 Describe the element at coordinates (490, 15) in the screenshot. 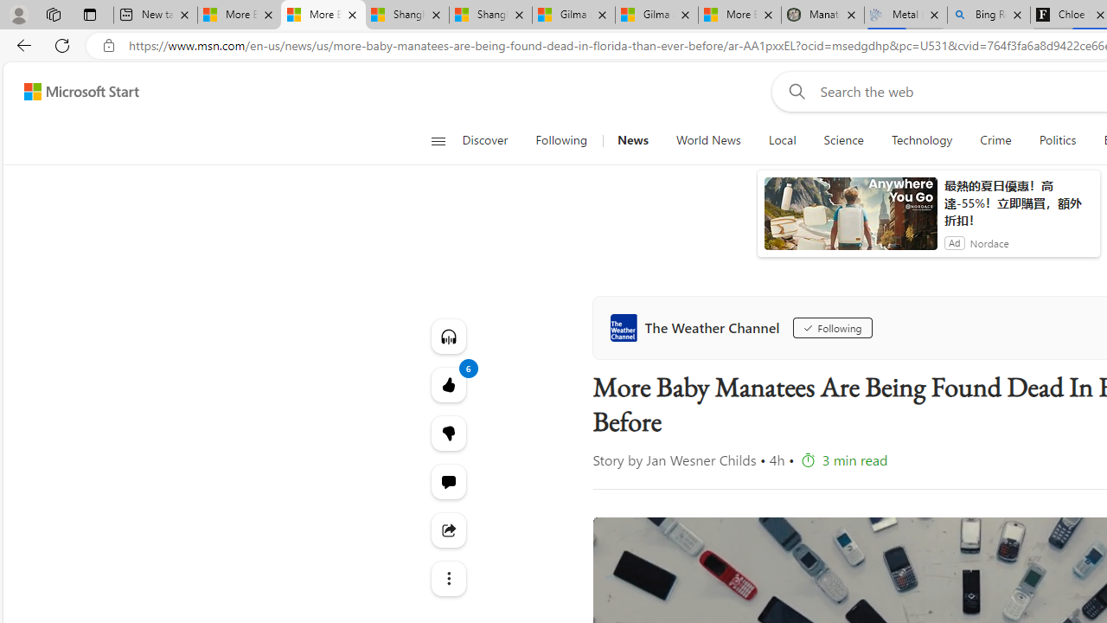

I see `'Shanghai, China weather forecast | Microsoft Weather'` at that location.